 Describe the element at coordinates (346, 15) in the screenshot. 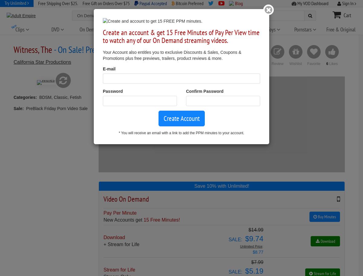

I see `'Cart'` at that location.